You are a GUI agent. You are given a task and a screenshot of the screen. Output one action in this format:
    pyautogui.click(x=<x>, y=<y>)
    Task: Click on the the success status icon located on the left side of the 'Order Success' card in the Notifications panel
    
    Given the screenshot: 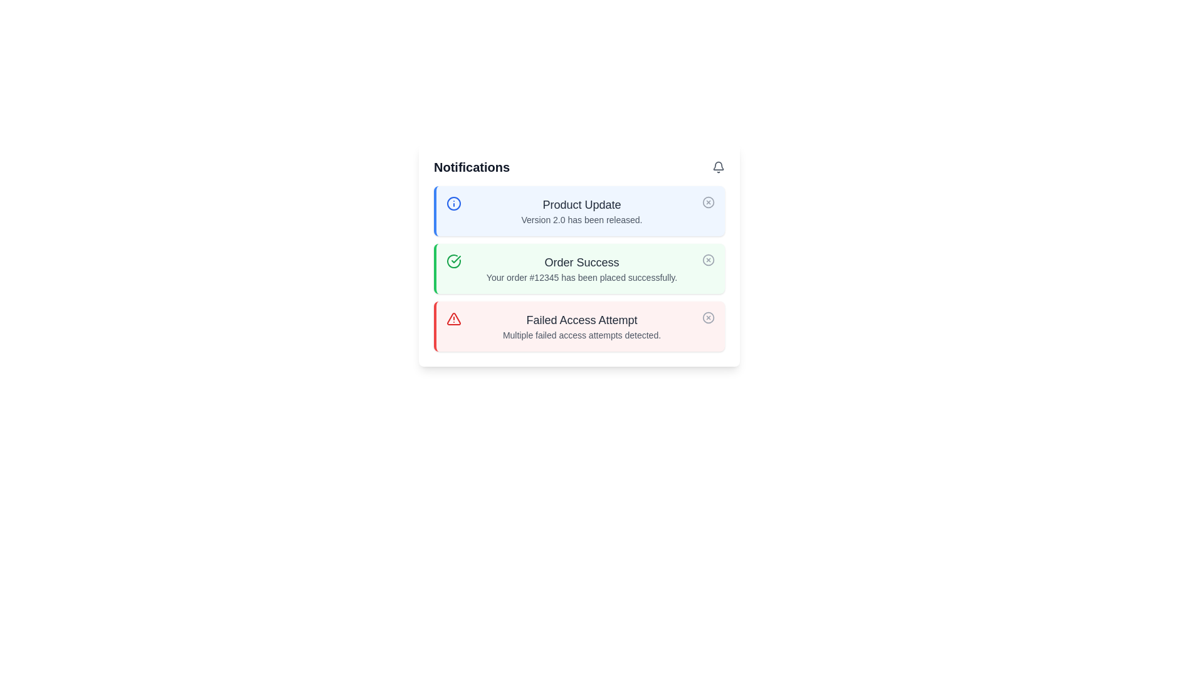 What is the action you would take?
    pyautogui.click(x=453, y=260)
    